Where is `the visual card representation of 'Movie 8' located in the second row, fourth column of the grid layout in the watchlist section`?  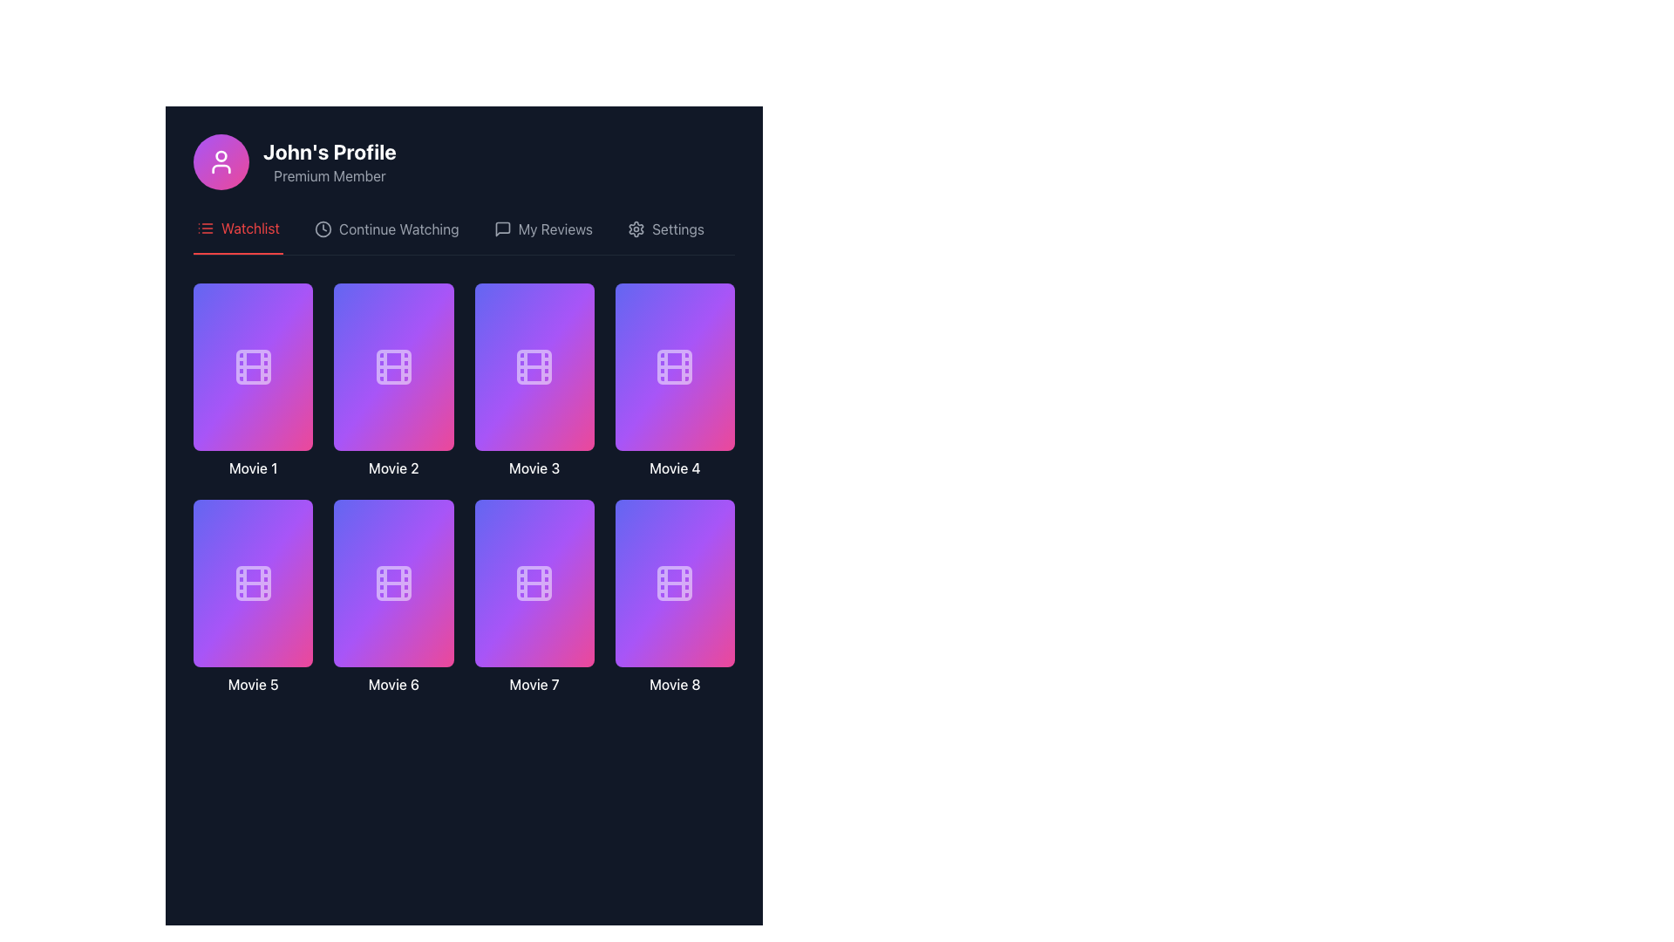
the visual card representation of 'Movie 8' located in the second row, fourth column of the grid layout in the watchlist section is located at coordinates (674, 583).